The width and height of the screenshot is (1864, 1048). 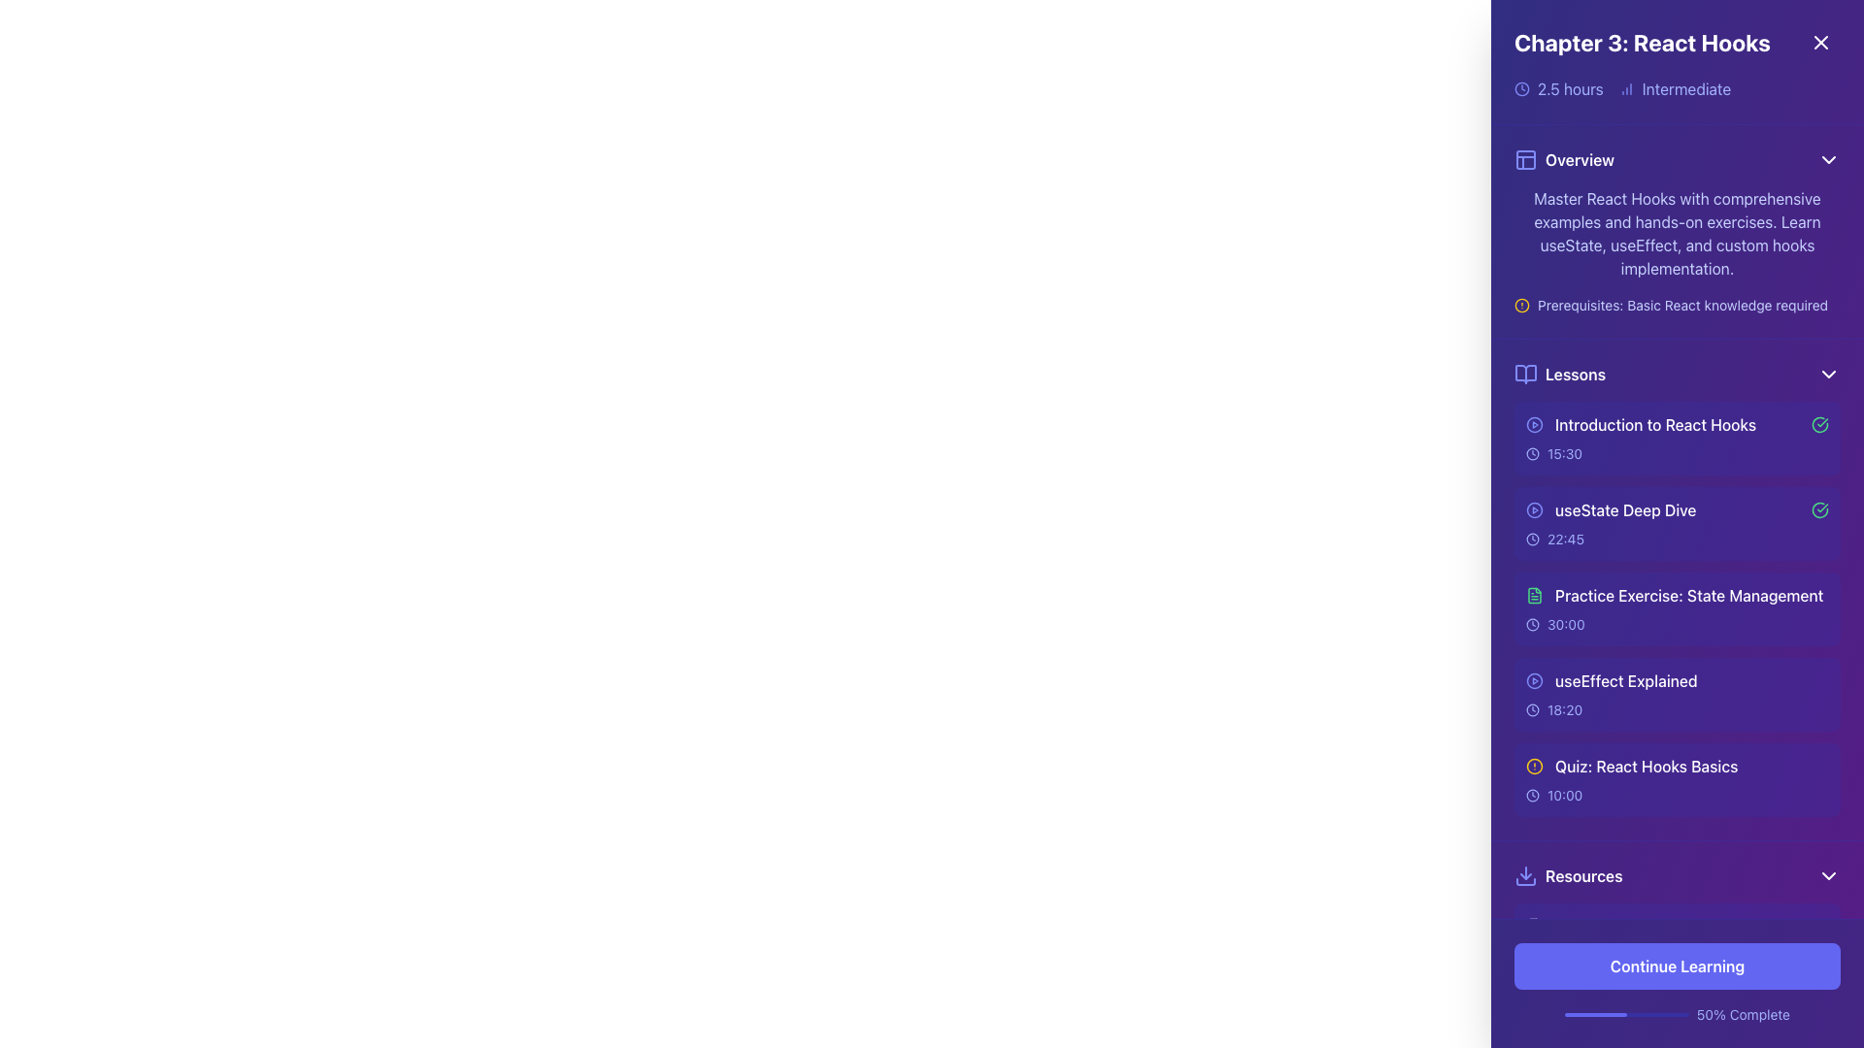 I want to click on the static text displaying the time '22:45' in light indigo color, located next to the circular clock icon in the second entry of the 'Lessons' section, so click(x=1565, y=539).